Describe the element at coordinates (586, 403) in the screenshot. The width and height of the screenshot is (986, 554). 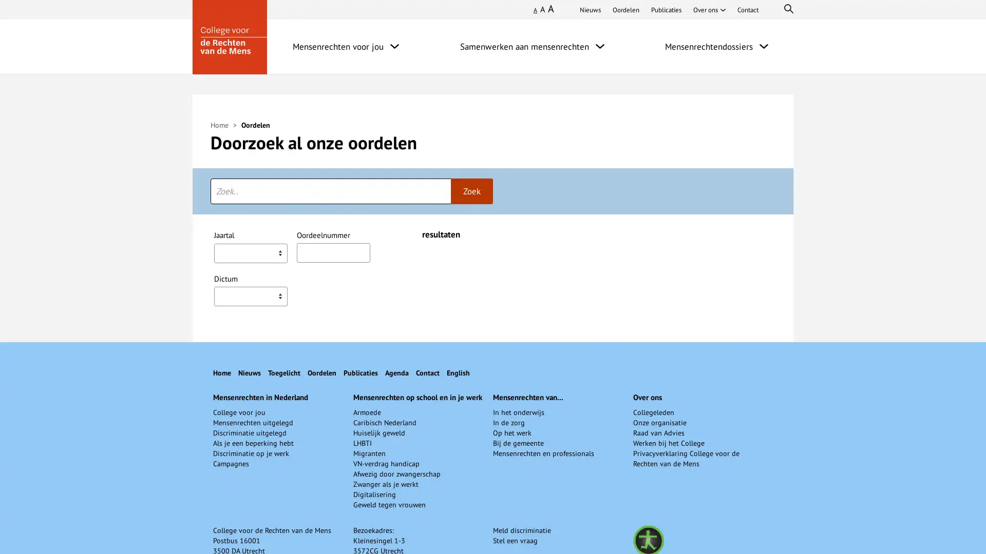
I see `Bescherming van de vrouw,` at that location.